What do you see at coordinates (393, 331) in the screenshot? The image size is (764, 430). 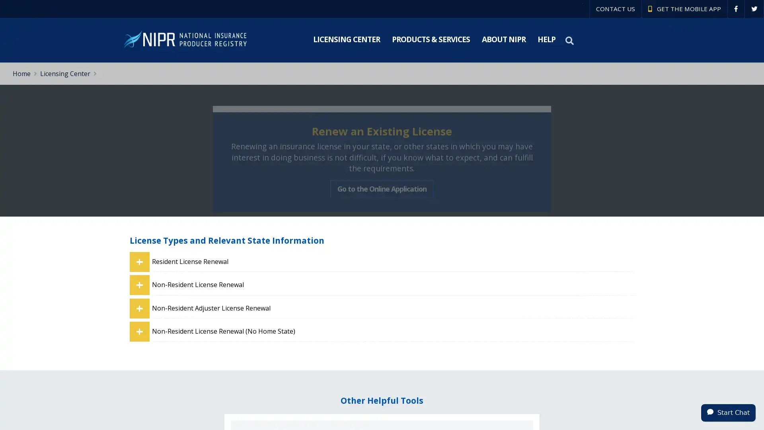 I see `Non-Resident License Renewal (No Home State)` at bounding box center [393, 331].